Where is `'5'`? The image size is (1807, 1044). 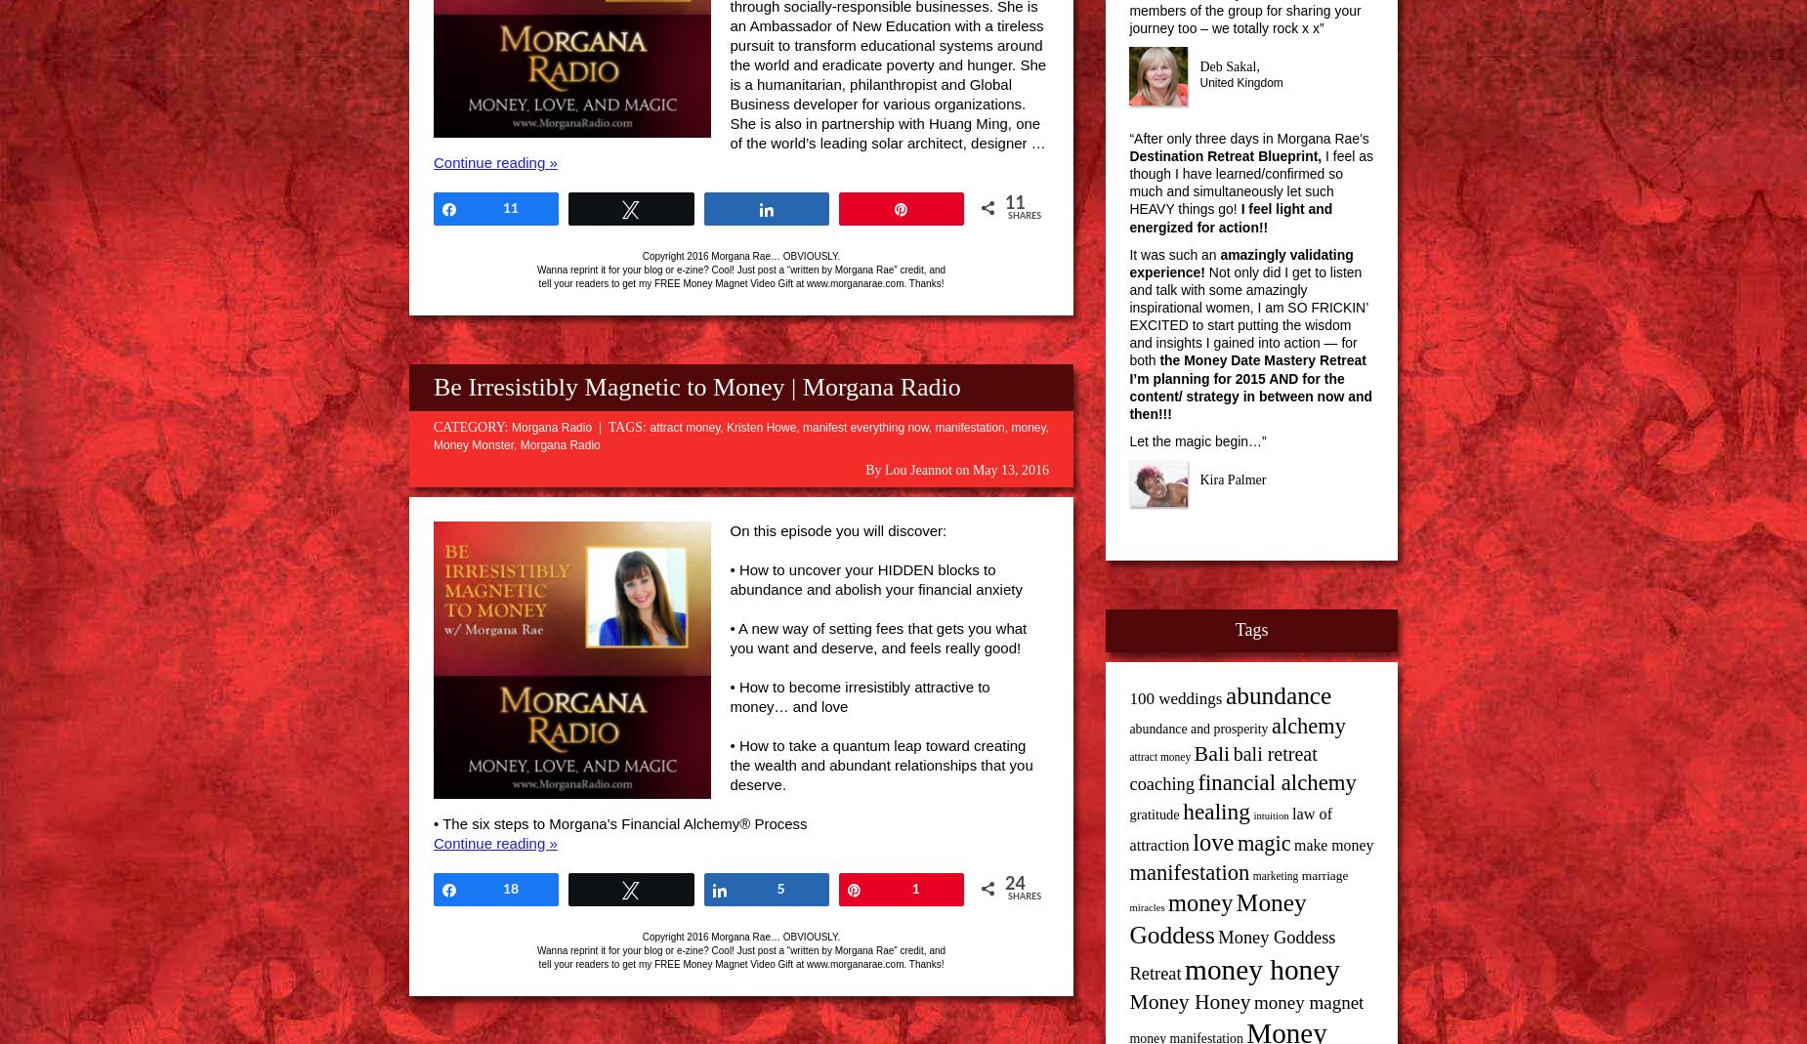 '5' is located at coordinates (780, 888).